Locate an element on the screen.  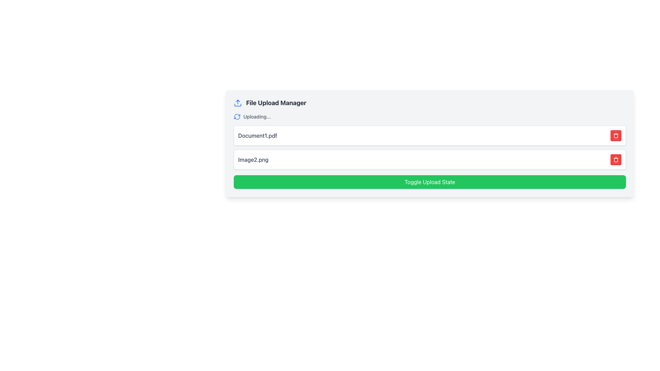
the first File list item labeled 'Document1.pdf' is located at coordinates (429, 135).